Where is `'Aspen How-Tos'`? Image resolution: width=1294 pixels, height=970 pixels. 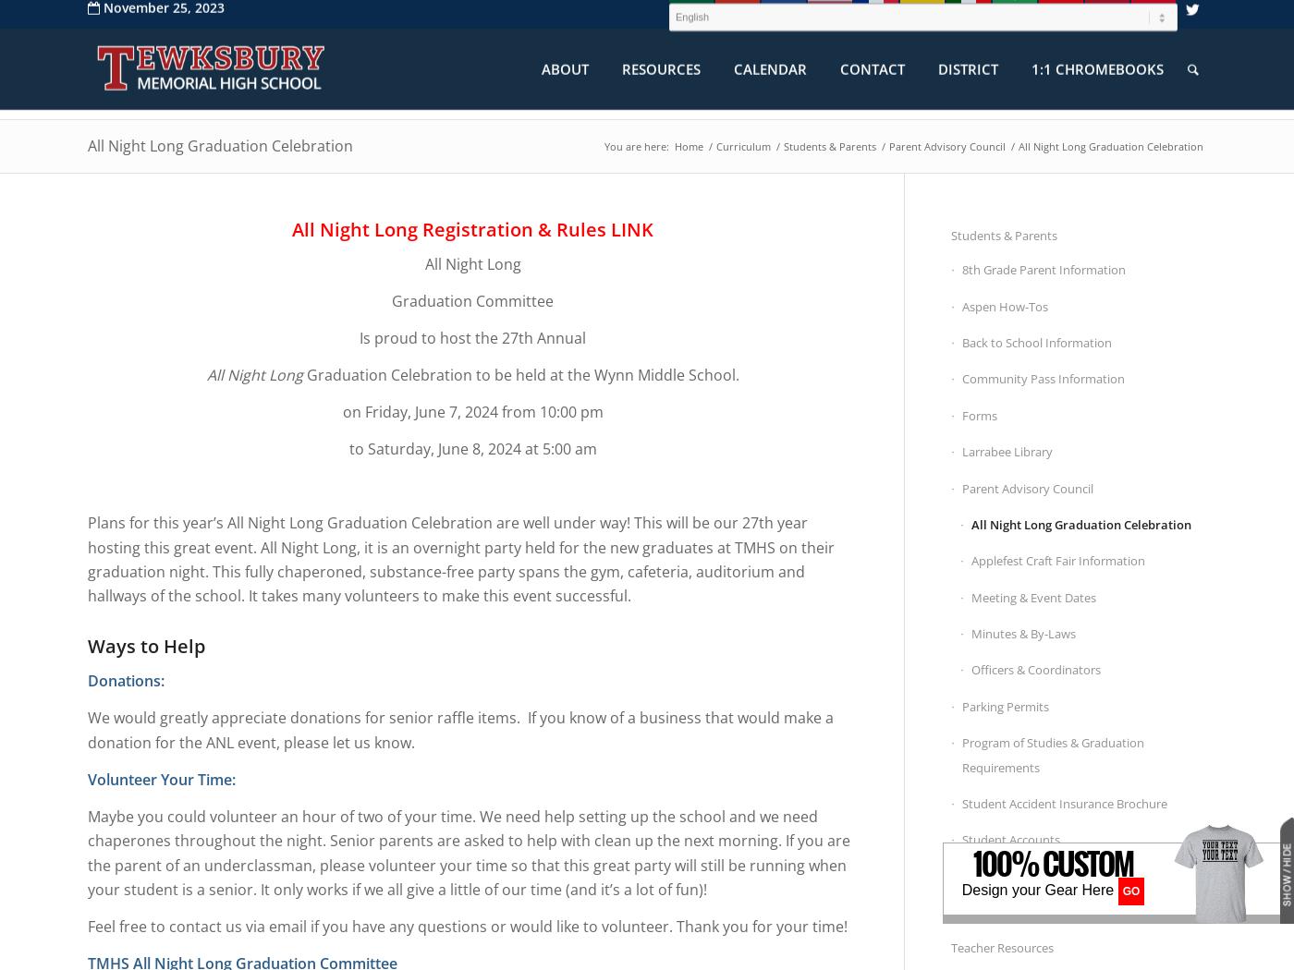 'Aspen How-Tos' is located at coordinates (1005, 305).